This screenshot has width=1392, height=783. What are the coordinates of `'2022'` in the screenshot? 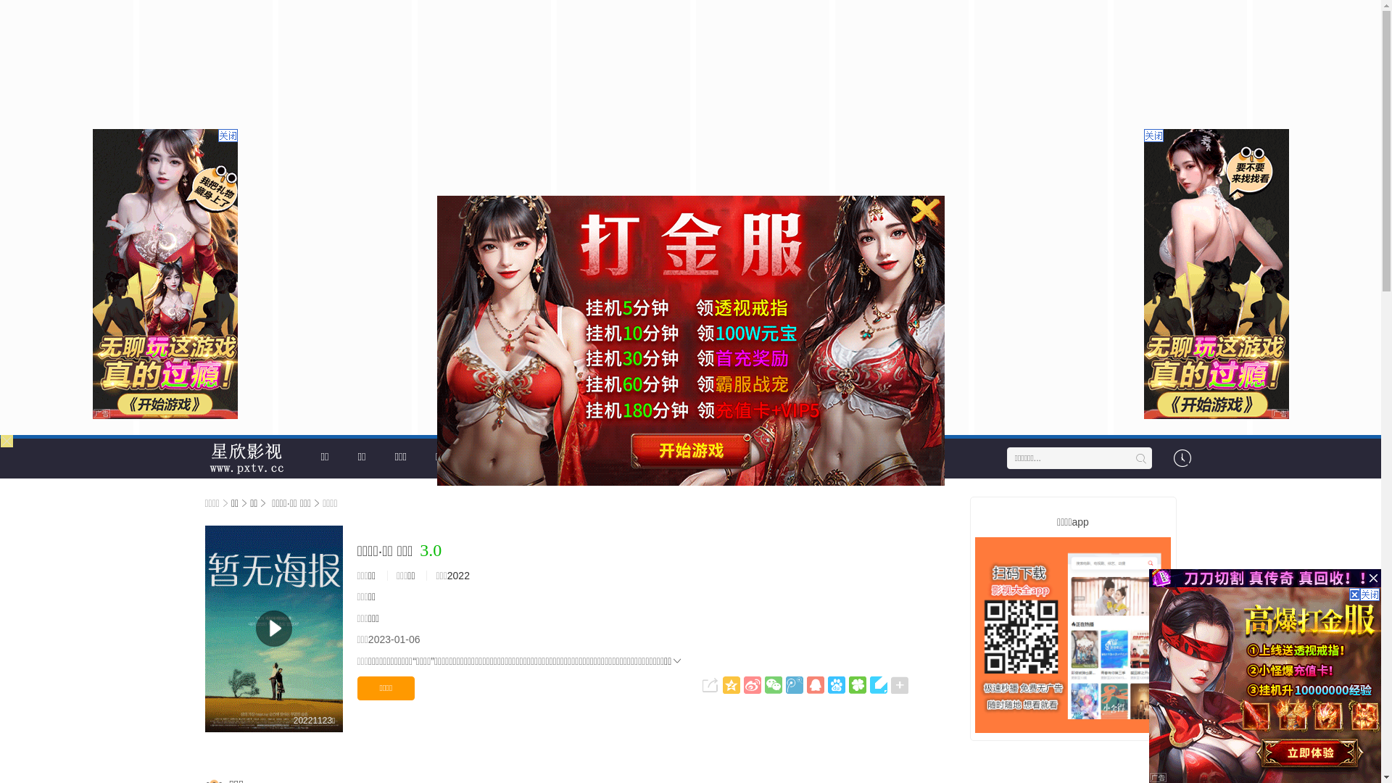 It's located at (447, 575).